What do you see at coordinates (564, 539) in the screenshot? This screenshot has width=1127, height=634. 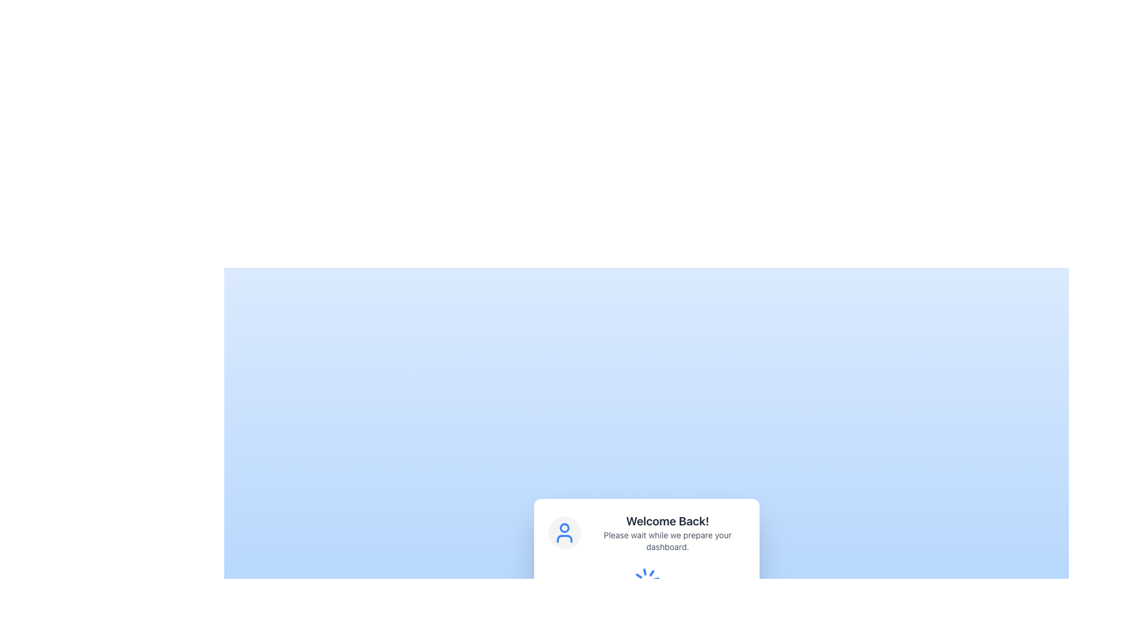 I see `the lower torso segment of the avatar icon located at the bottom center of the interface, below the circular head` at bounding box center [564, 539].